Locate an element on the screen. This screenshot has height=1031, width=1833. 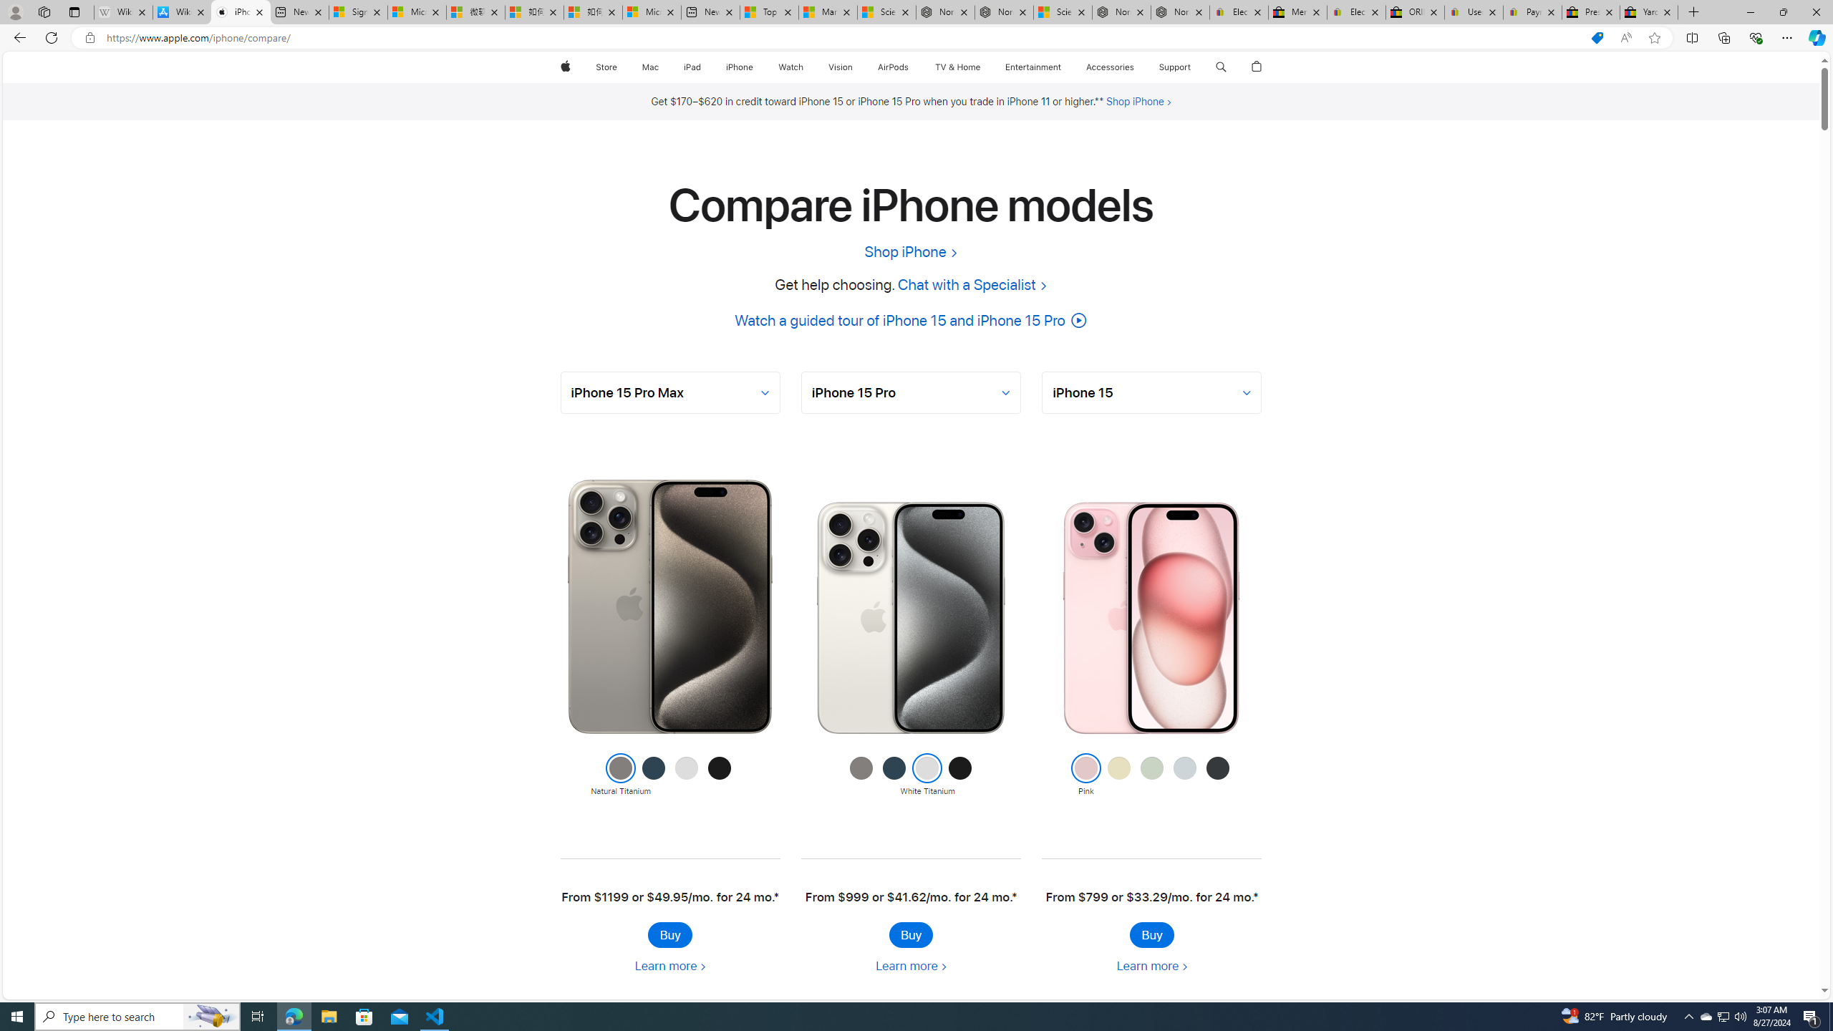
'iPhone - Compare Models - Apple' is located at coordinates (240, 11).